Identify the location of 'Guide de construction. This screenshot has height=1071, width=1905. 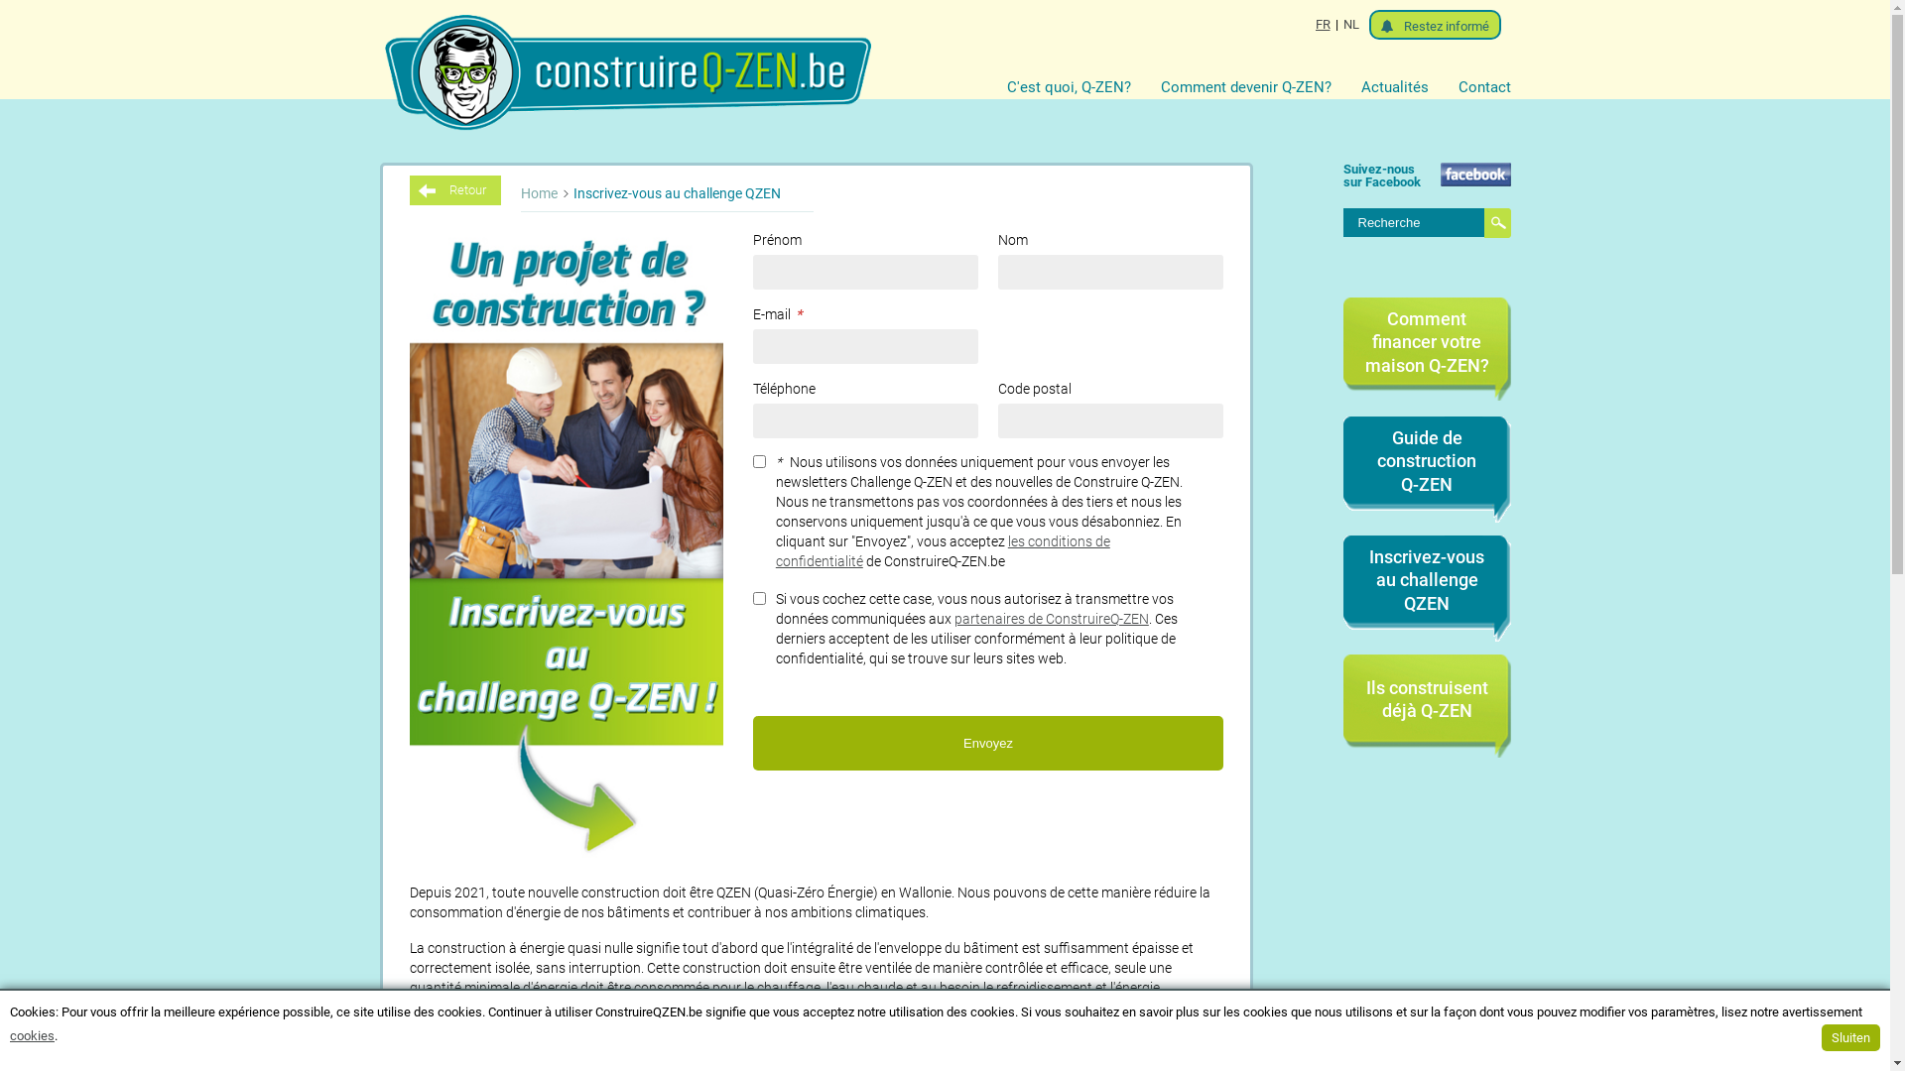
(1426, 461).